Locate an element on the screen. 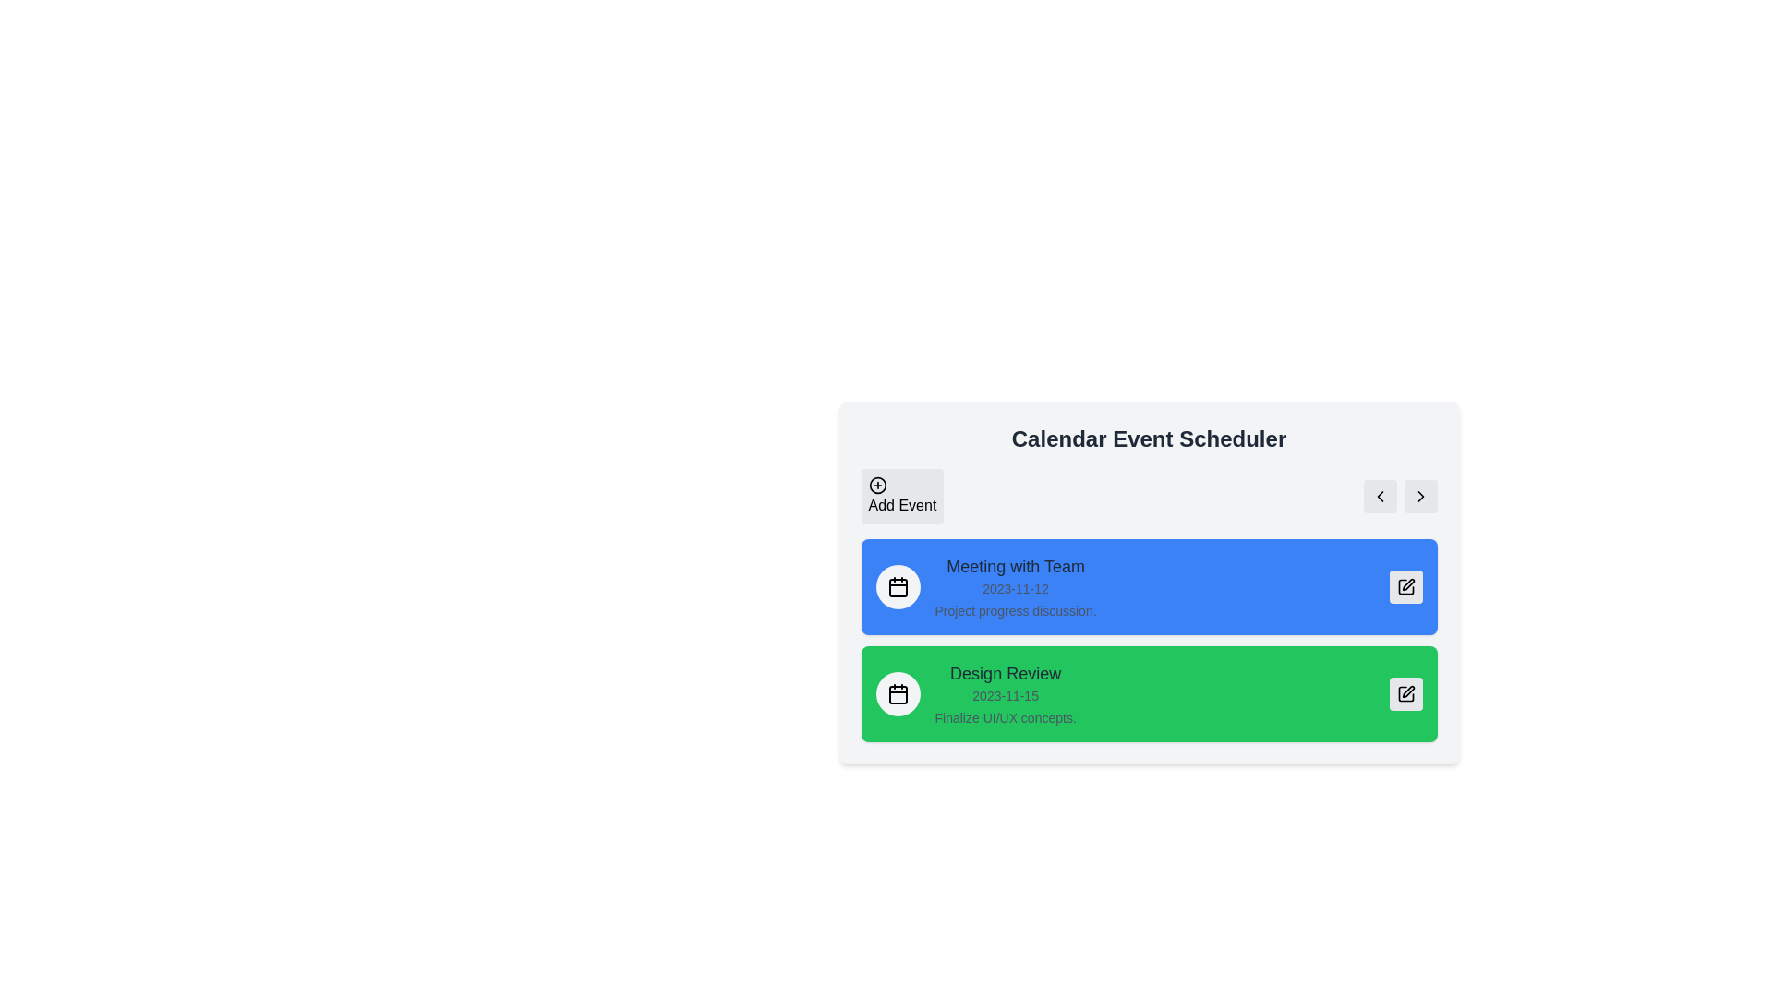 This screenshot has height=997, width=1773. the right-facing chevron arrow icon located in the upper-right section of the calendar event scheduler interface is located at coordinates (1419, 495).